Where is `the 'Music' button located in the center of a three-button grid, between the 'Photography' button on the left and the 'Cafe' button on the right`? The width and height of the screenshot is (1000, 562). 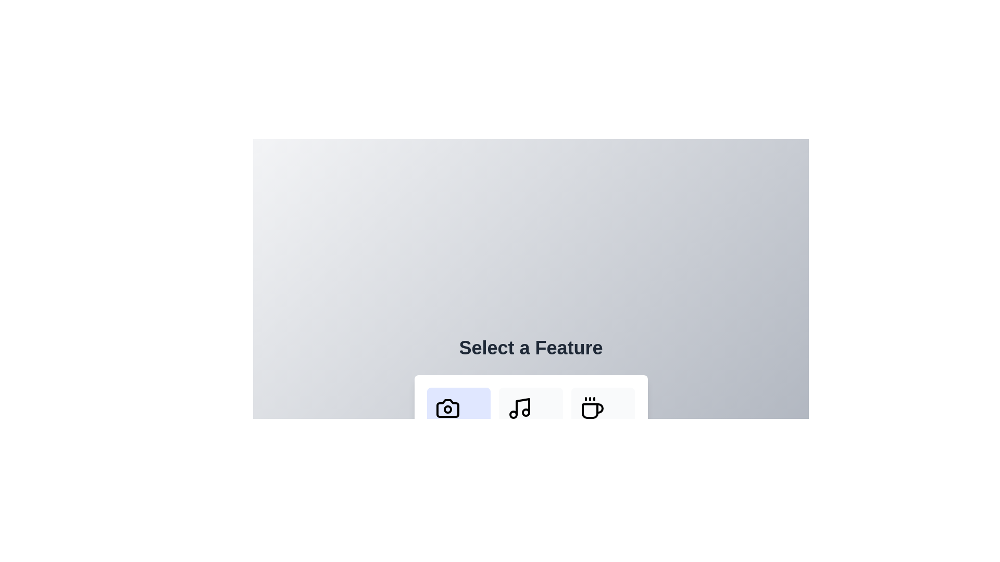
the 'Music' button located in the center of a three-button grid, between the 'Photography' button on the left and the 'Cafe' button on the right is located at coordinates (531, 417).